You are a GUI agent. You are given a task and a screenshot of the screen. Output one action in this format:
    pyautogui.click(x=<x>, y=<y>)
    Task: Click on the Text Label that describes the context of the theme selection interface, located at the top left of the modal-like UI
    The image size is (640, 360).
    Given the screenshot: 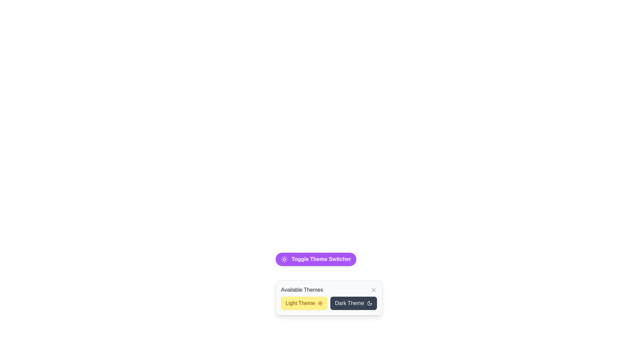 What is the action you would take?
    pyautogui.click(x=302, y=290)
    